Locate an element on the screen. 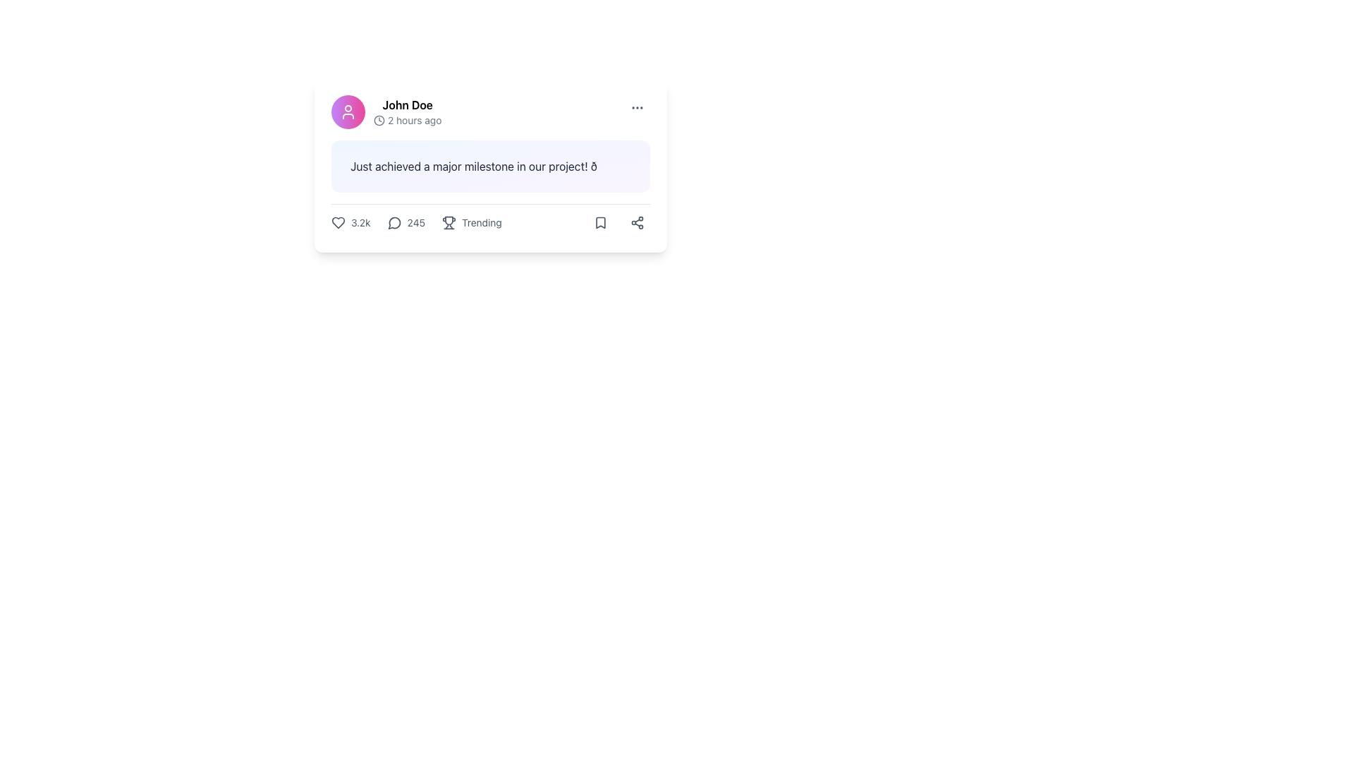 The height and width of the screenshot is (762, 1354). the share button located at the far right of the horizontal bar beneath the post interface to activate its hover effect is located at coordinates (636, 222).